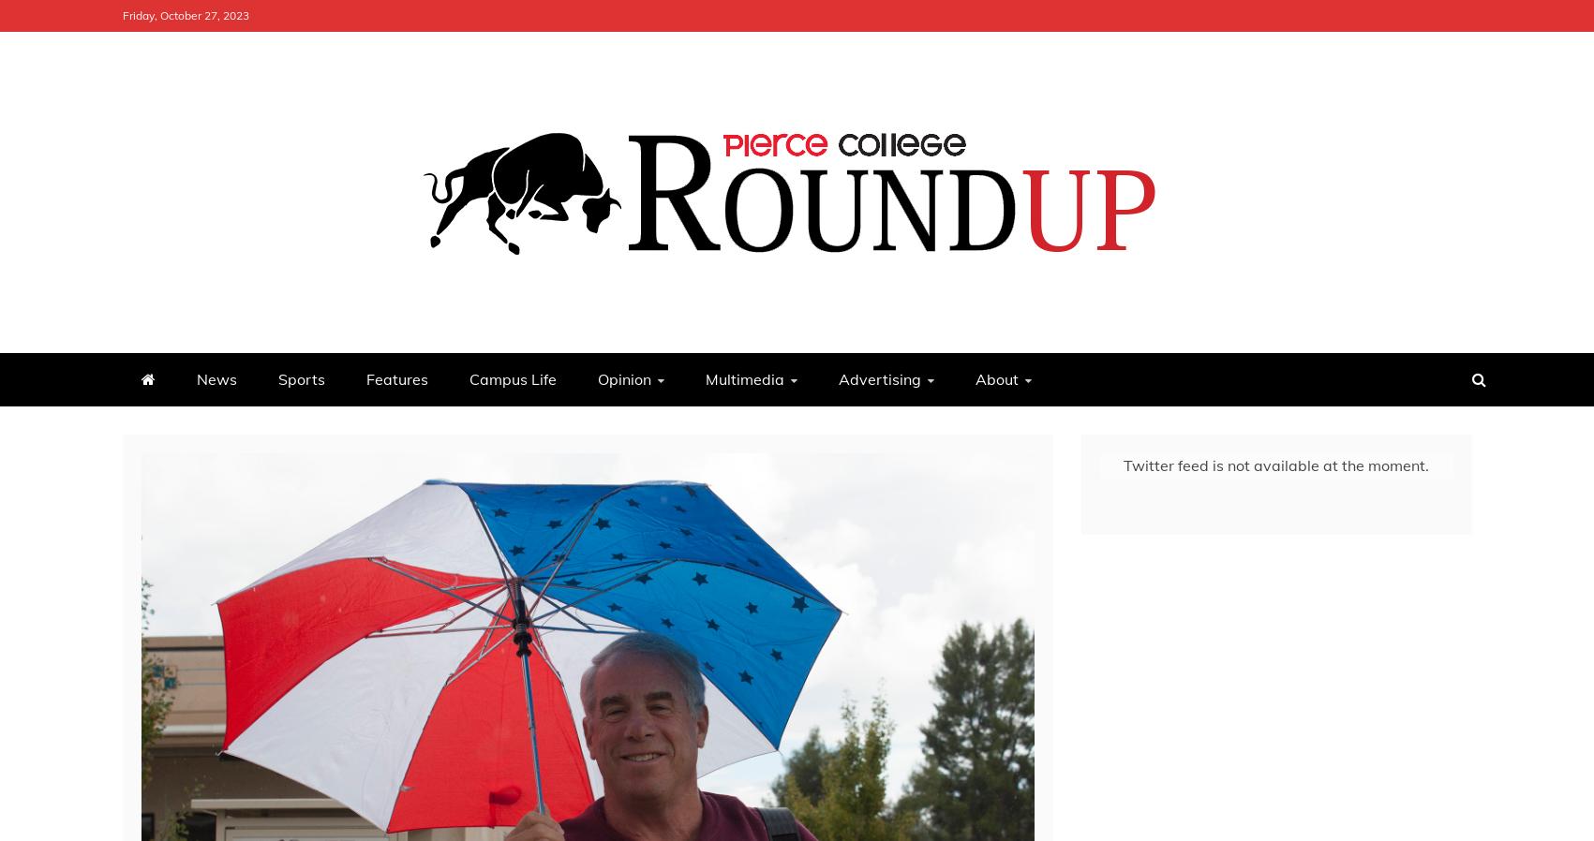  I want to click on 'About', so click(995, 378).